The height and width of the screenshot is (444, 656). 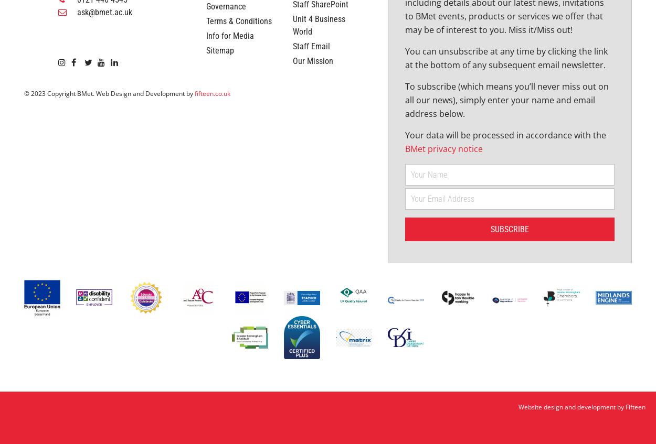 I want to click on 'Terms & Conditions', so click(x=206, y=97).